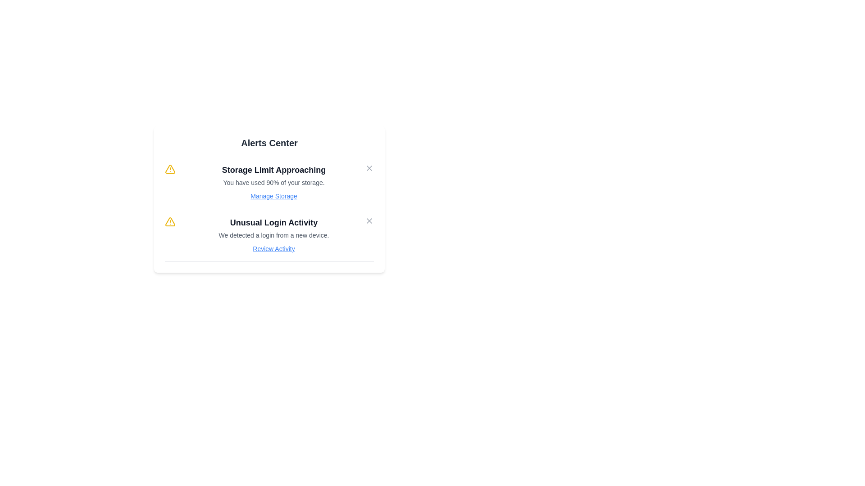 The width and height of the screenshot is (865, 486). Describe the element at coordinates (273, 195) in the screenshot. I see `the alert action link Manage Storage` at that location.